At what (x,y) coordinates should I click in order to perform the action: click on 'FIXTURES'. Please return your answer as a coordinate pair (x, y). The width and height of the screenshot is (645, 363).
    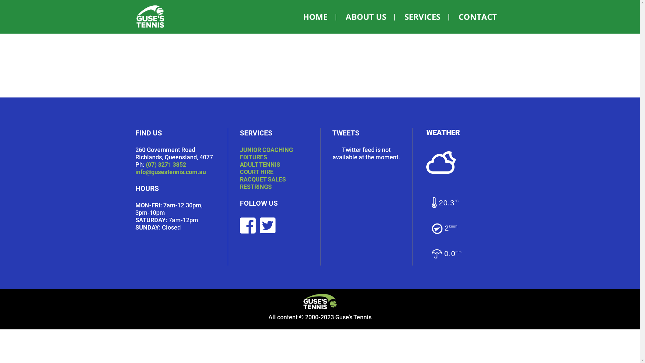
    Looking at the image, I should click on (240, 157).